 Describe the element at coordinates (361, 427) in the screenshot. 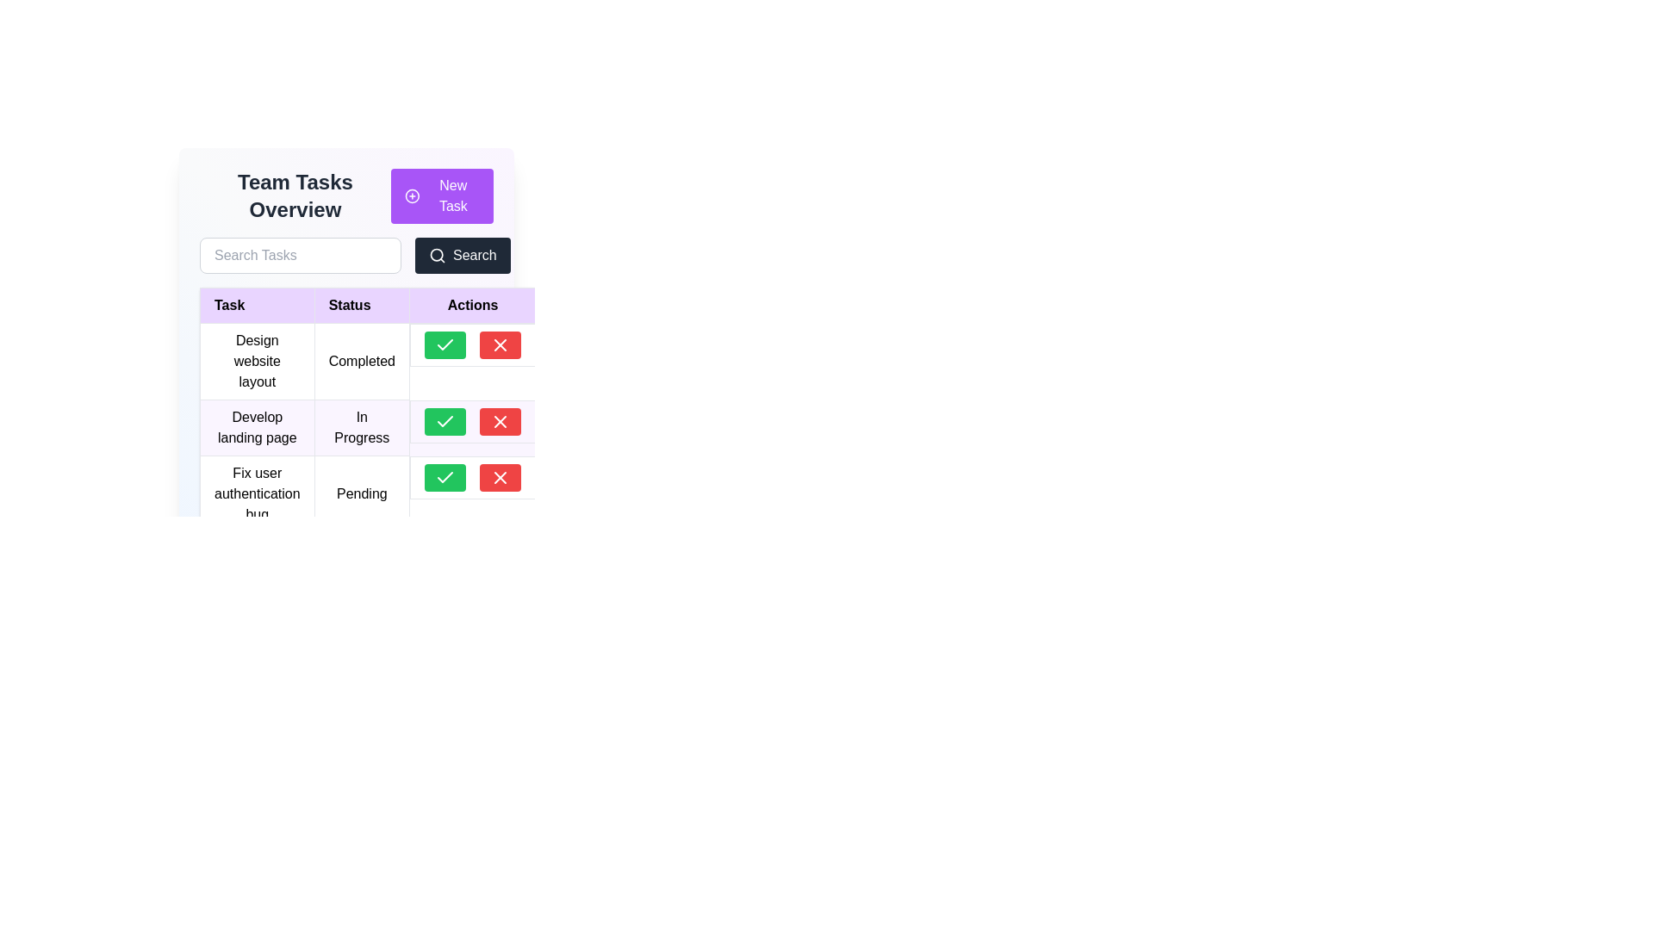

I see `the text label displaying 'In Progress' located in the second row under the 'Status' header` at that location.